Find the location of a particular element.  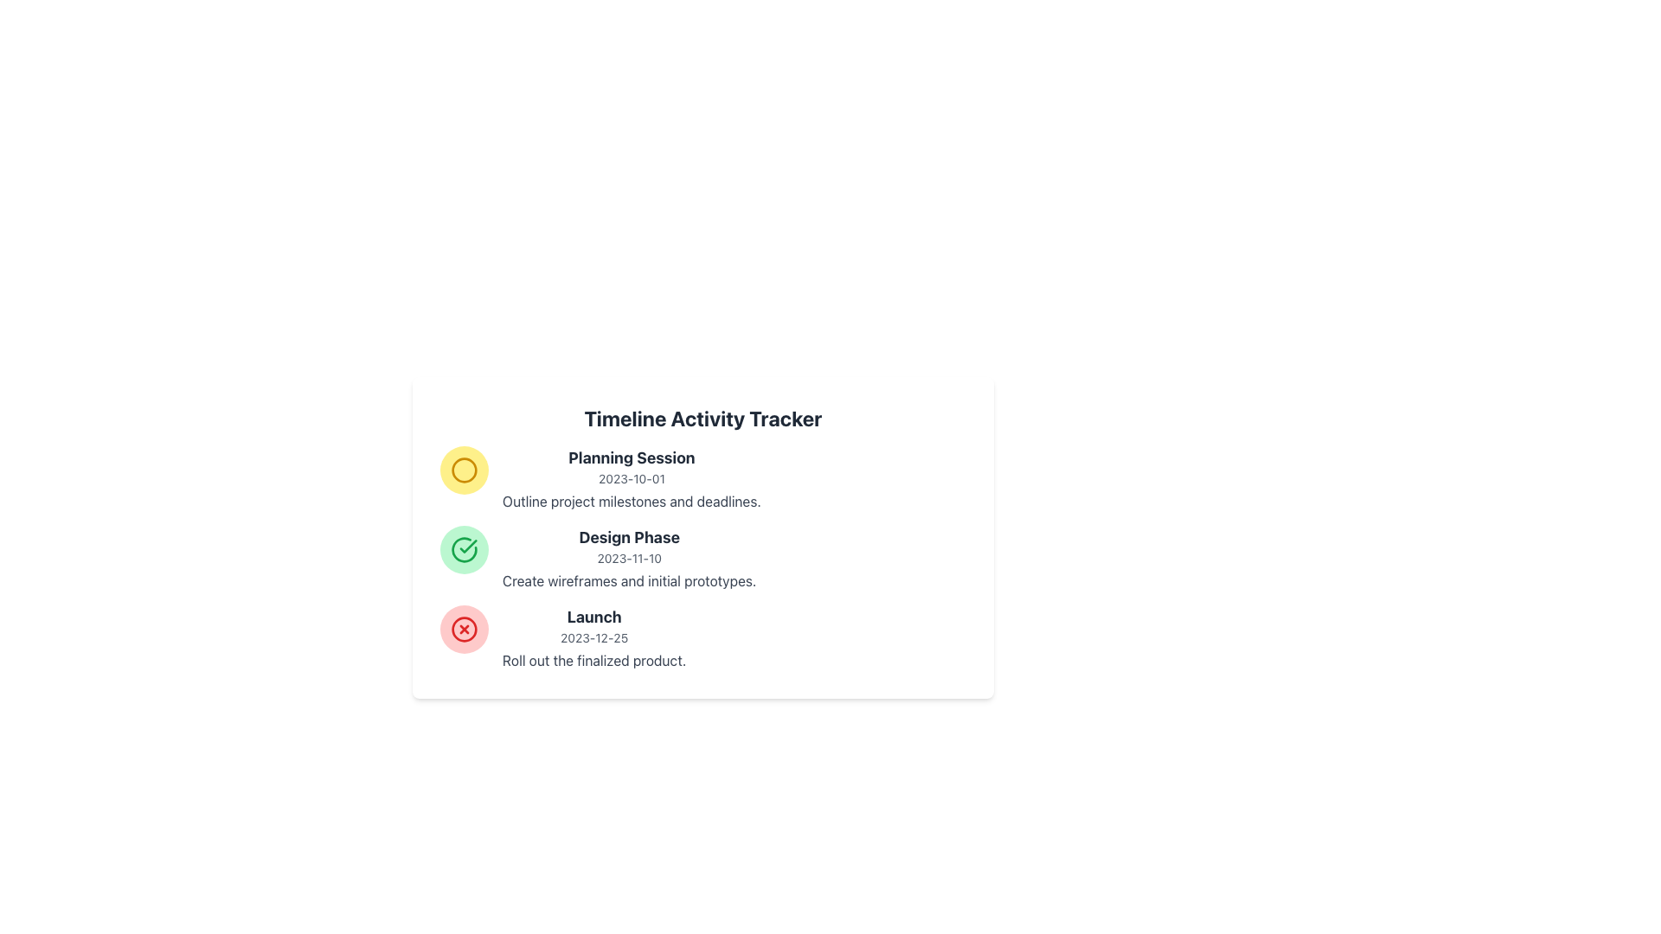

text 'Planning Session' which is prominently displayed in a bold and large font at the top of the card is located at coordinates (631, 457).